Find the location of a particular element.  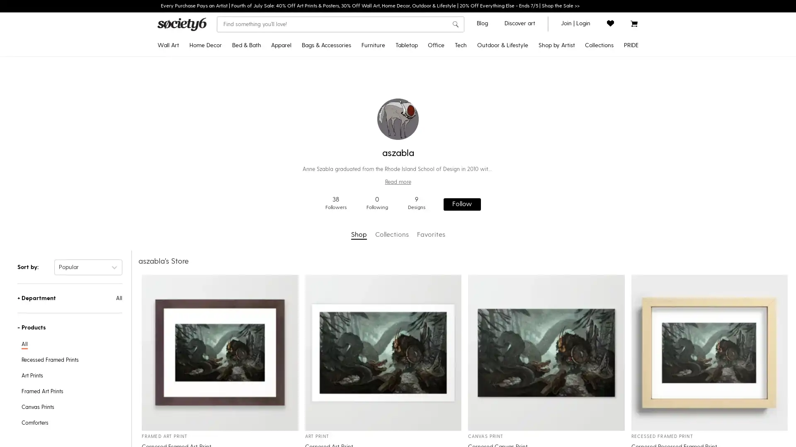

Tech is located at coordinates (460, 46).